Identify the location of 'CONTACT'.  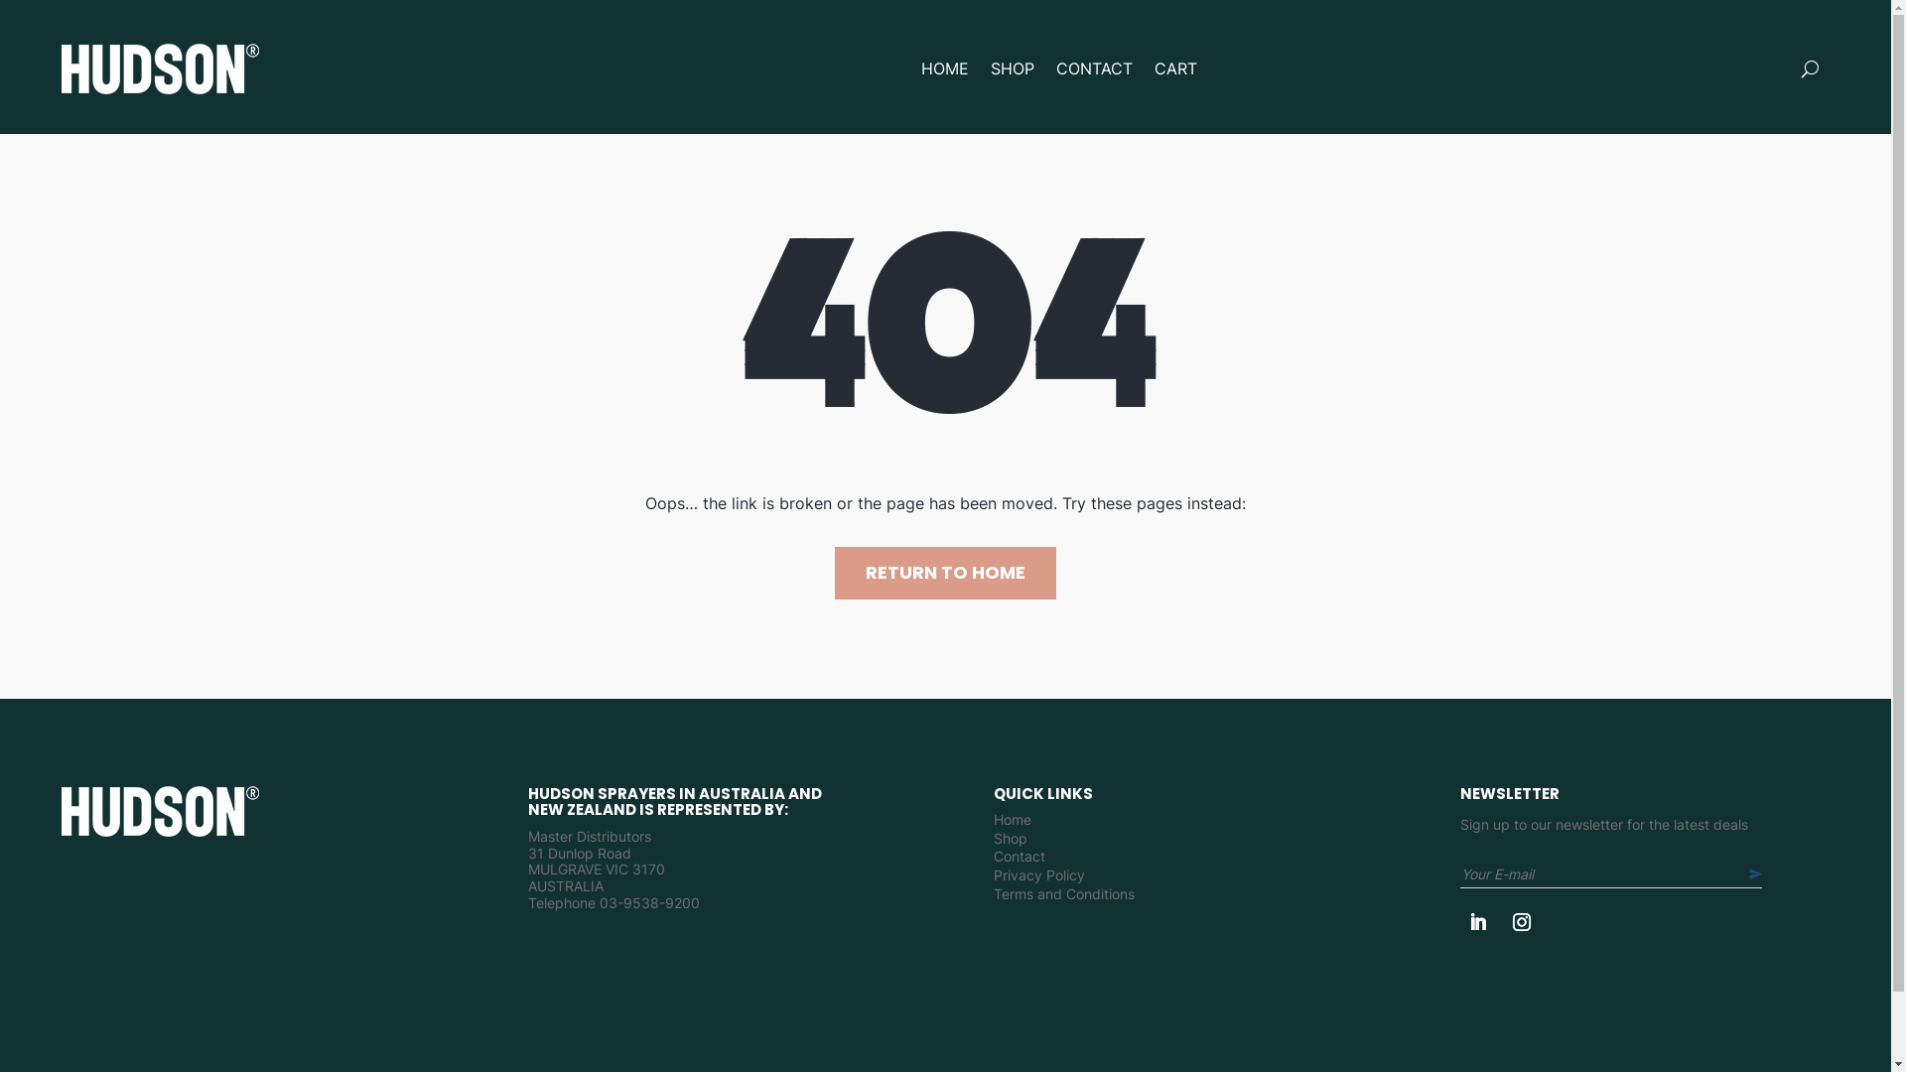
(1093, 67).